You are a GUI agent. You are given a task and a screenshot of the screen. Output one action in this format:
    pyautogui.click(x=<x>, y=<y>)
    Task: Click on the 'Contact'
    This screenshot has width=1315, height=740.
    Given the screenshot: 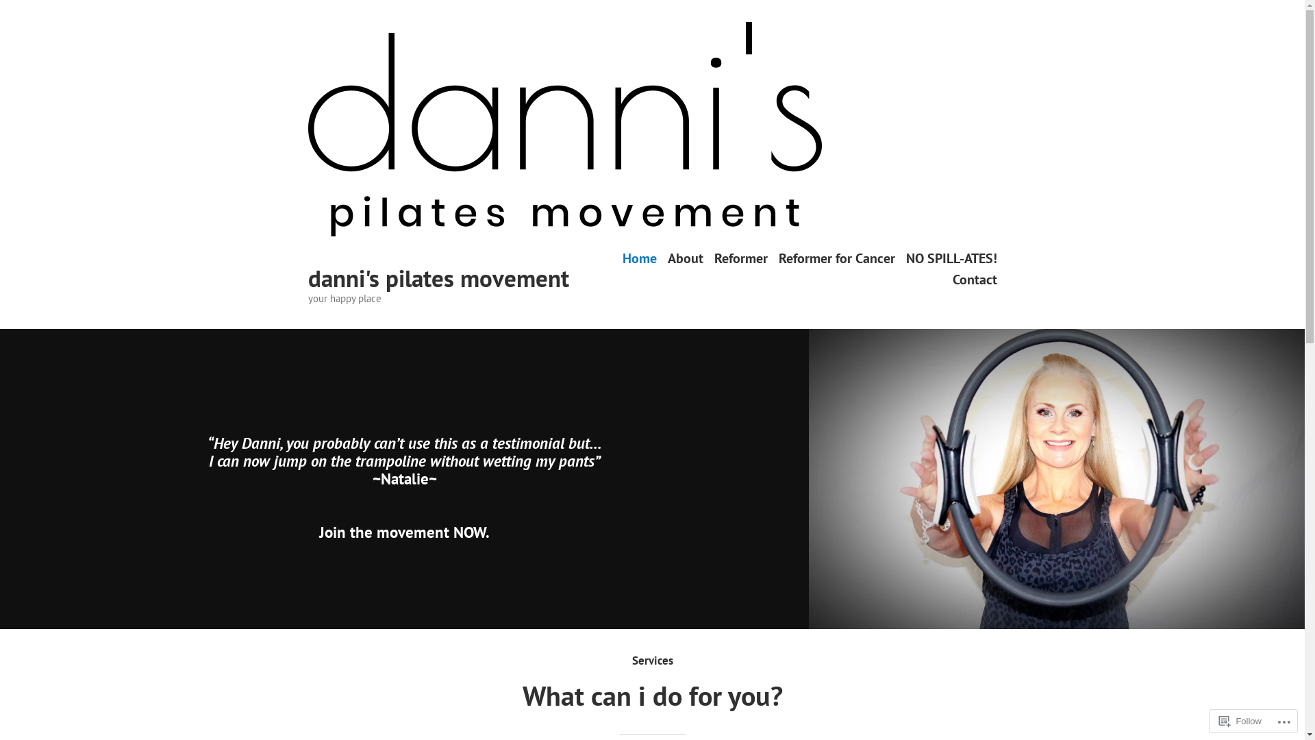 What is the action you would take?
    pyautogui.click(x=973, y=279)
    